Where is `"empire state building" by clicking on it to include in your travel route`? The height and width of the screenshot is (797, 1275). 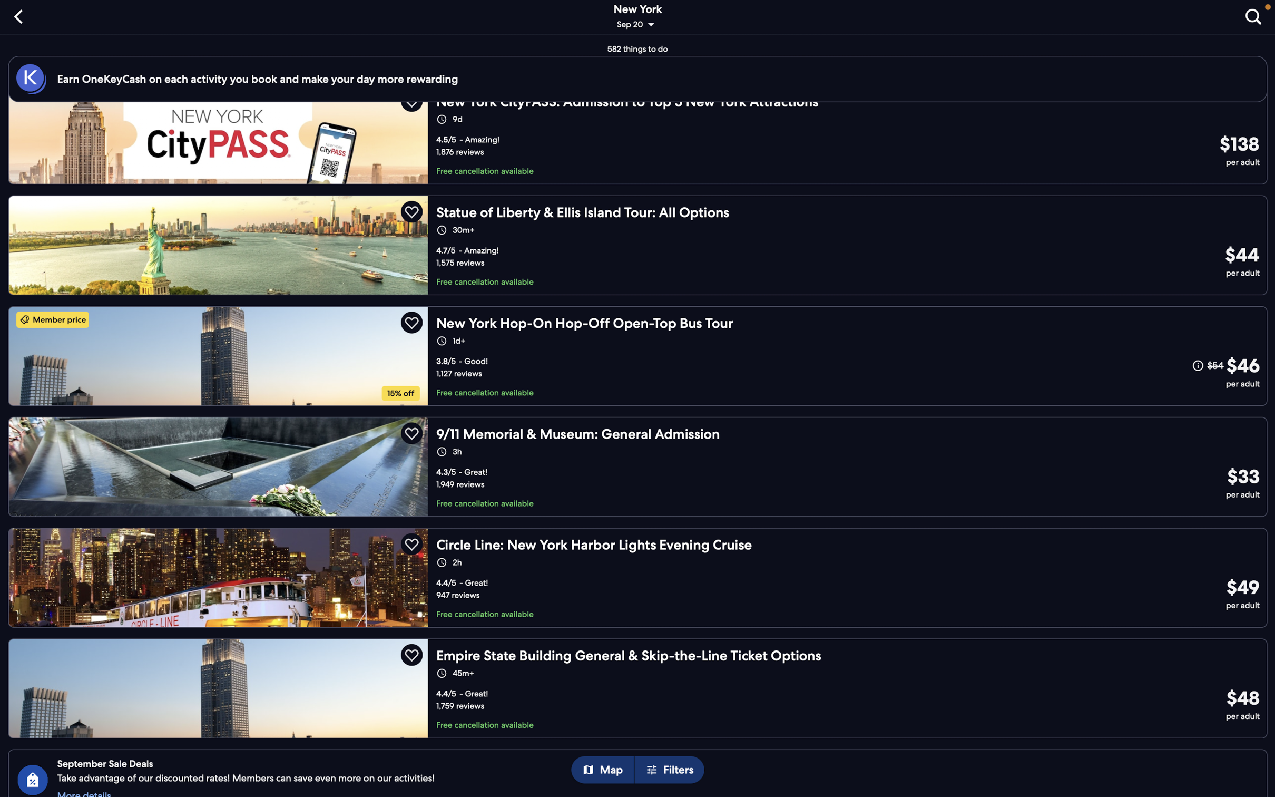
"empire state building" by clicking on it to include in your travel route is located at coordinates (641, 685).